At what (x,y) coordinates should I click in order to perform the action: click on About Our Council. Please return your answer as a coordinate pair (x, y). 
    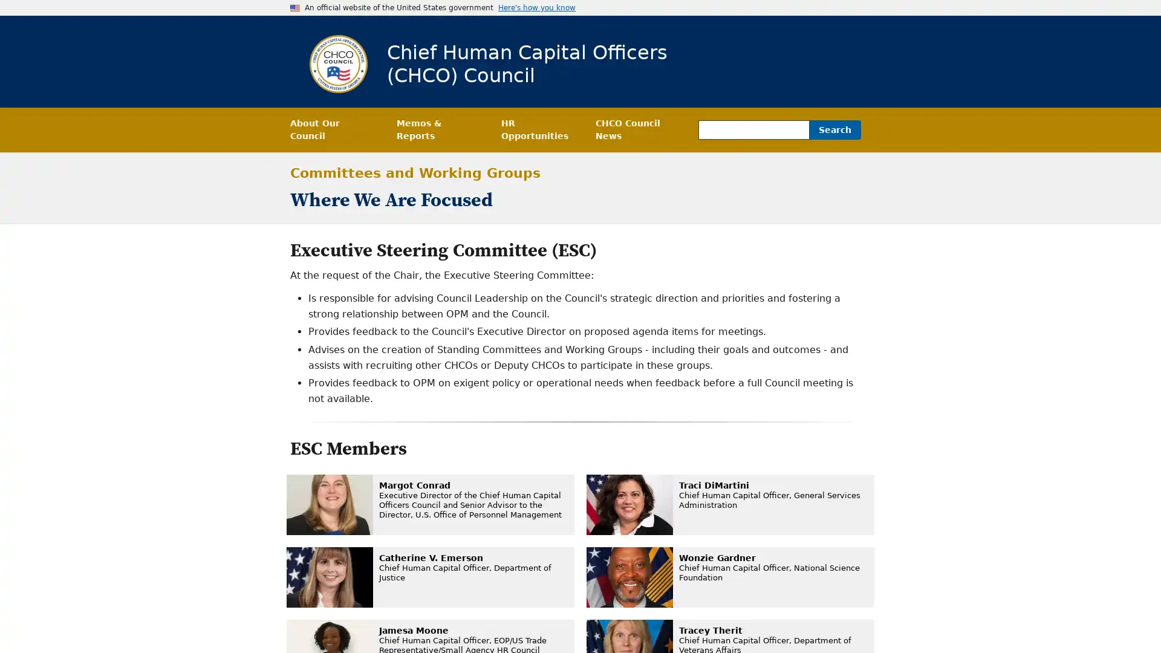
    Looking at the image, I should click on (333, 130).